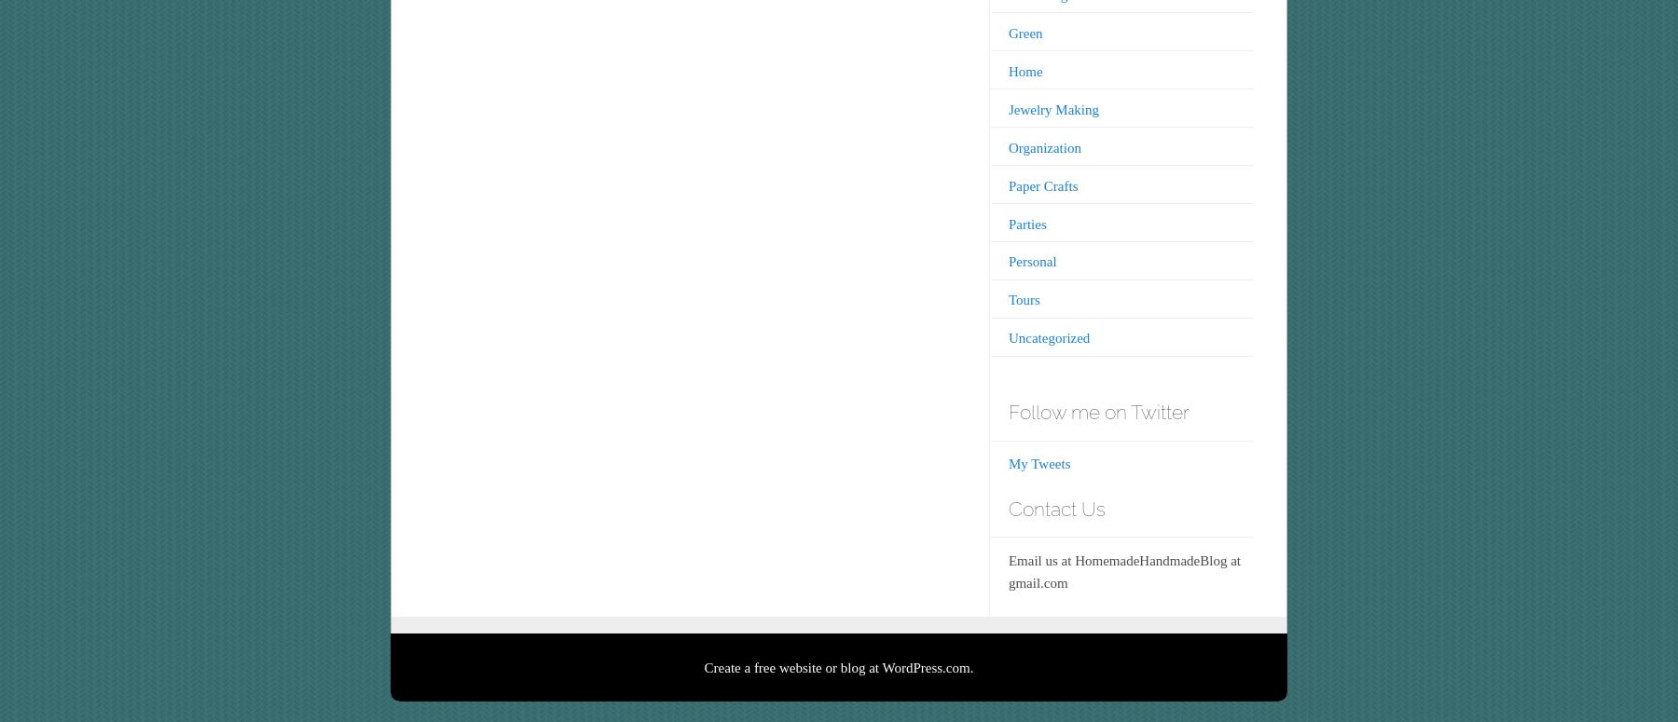  I want to click on 'Organization', so click(1043, 146).